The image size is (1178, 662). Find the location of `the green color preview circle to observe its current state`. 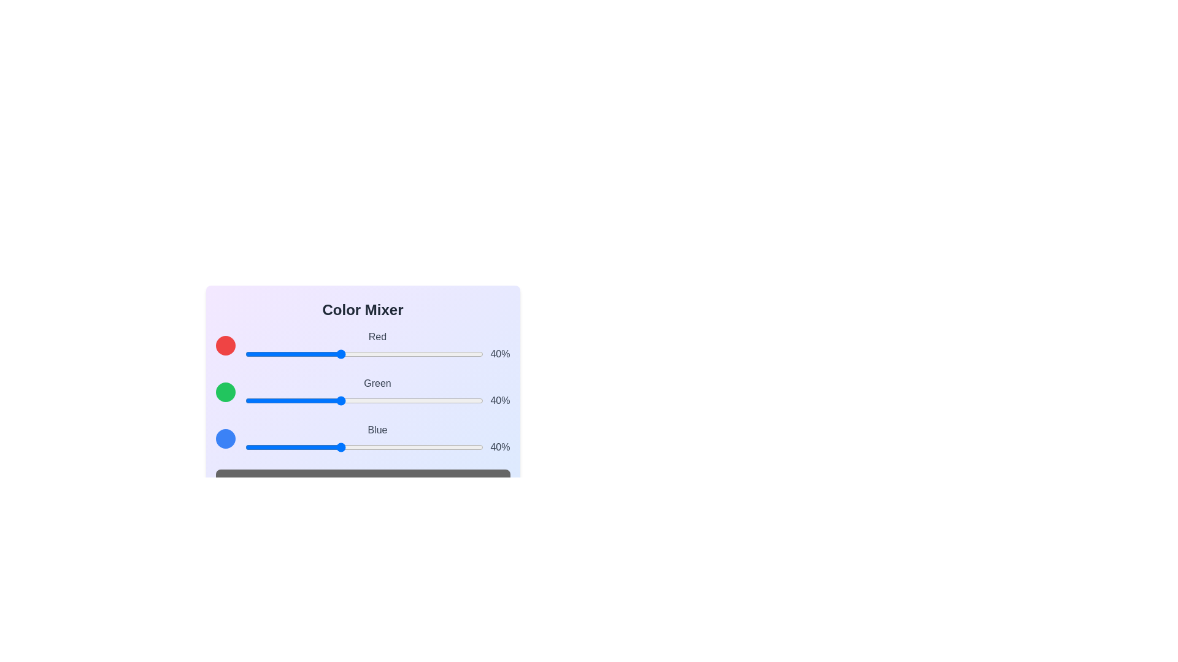

the green color preview circle to observe its current state is located at coordinates (225, 392).